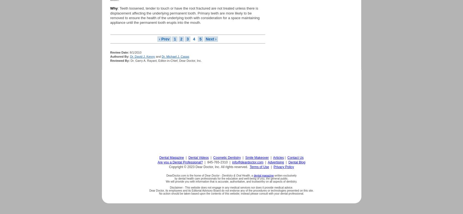  What do you see at coordinates (211, 39) in the screenshot?
I see `'Next ›'` at bounding box center [211, 39].